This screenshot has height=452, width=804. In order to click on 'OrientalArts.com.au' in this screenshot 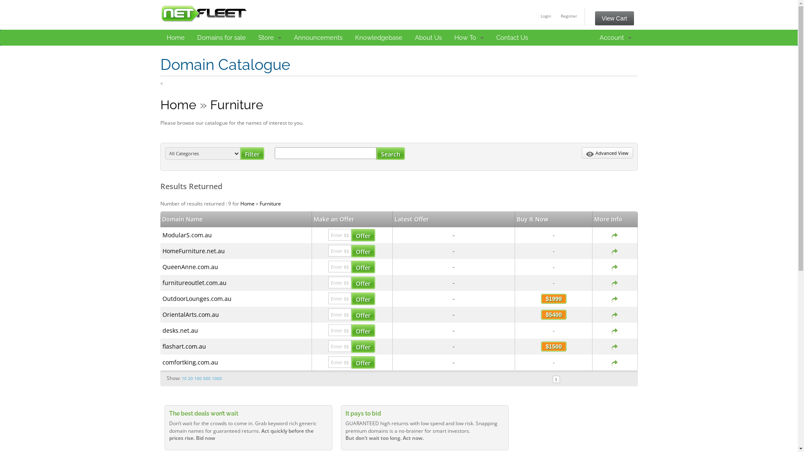, I will do `click(162, 314)`.